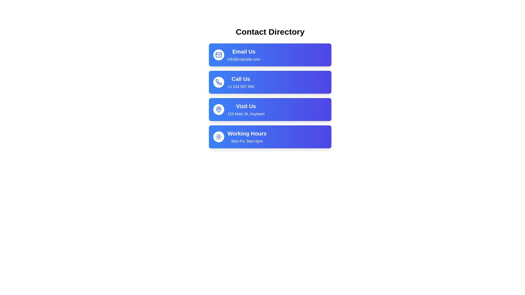 The image size is (525, 295). Describe the element at coordinates (219, 110) in the screenshot. I see `the blue outlined map pin icon within the 'Visit Us' section of the contact directory list` at that location.